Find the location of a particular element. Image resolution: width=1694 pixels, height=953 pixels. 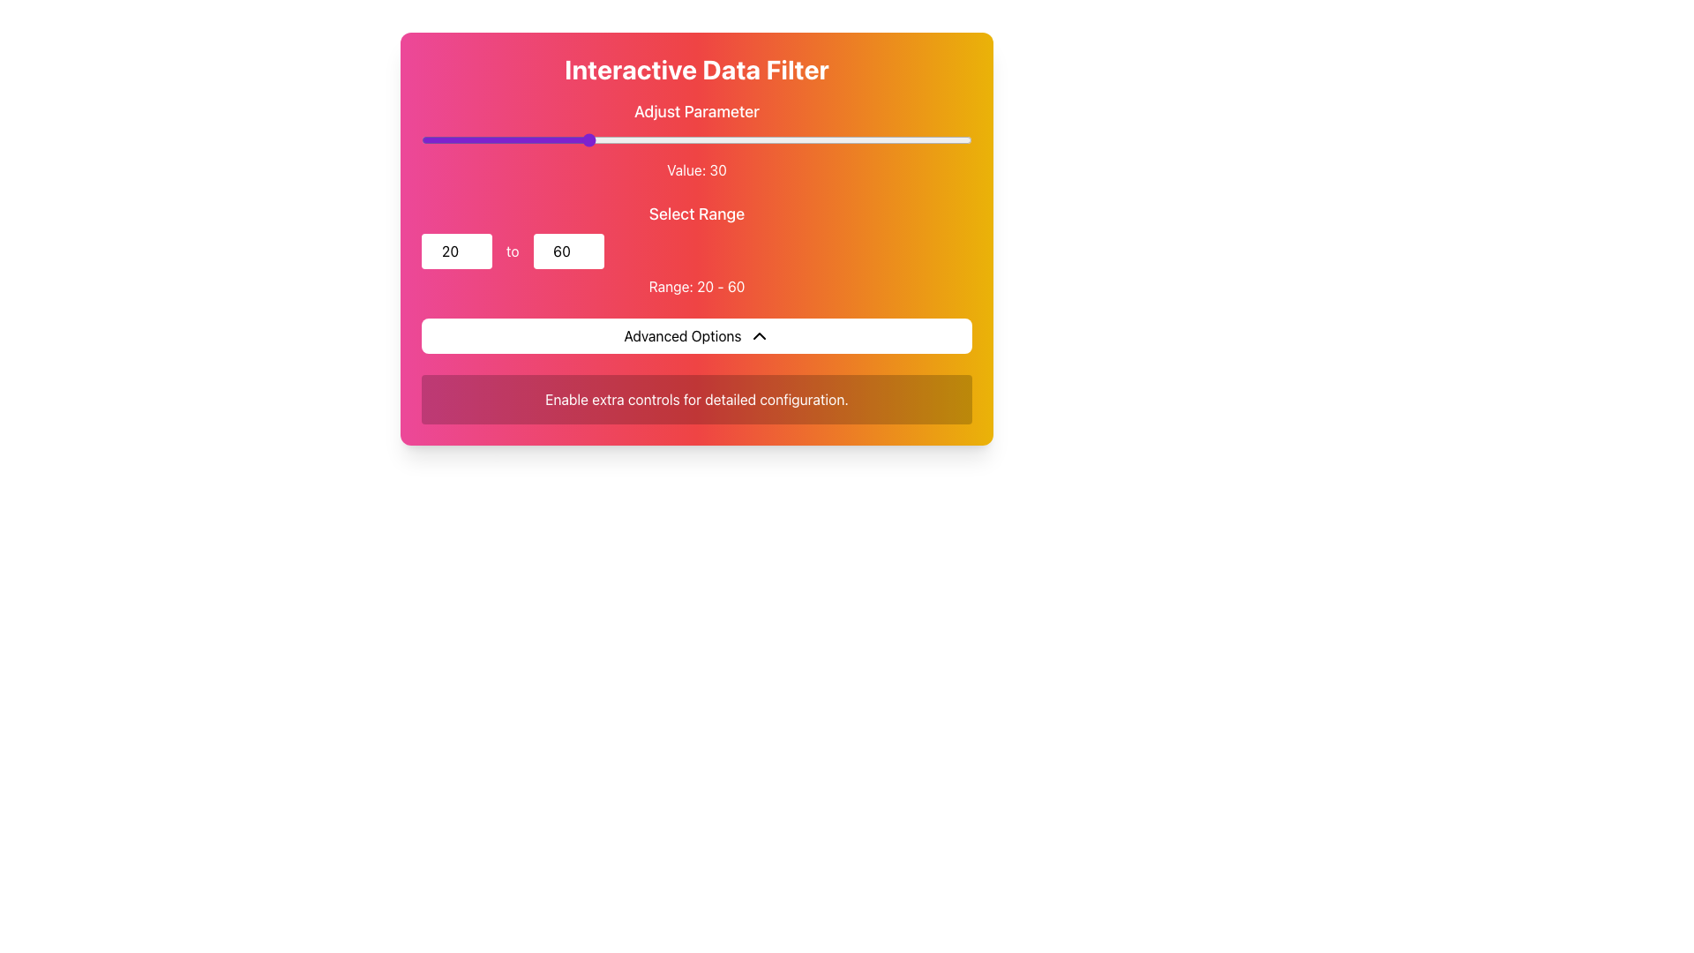

the Range slider located below 'Adjust Parameter' and above 'Value: 30', which allows the user to adjust a parameter from 0 to 100 is located at coordinates (696, 139).